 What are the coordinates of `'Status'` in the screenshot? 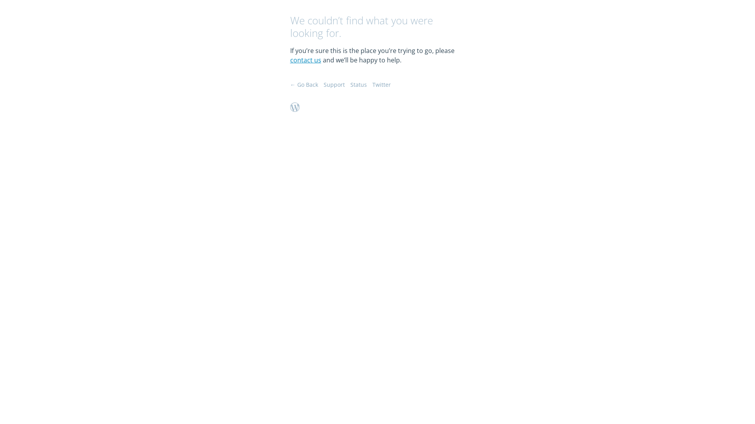 It's located at (358, 84).